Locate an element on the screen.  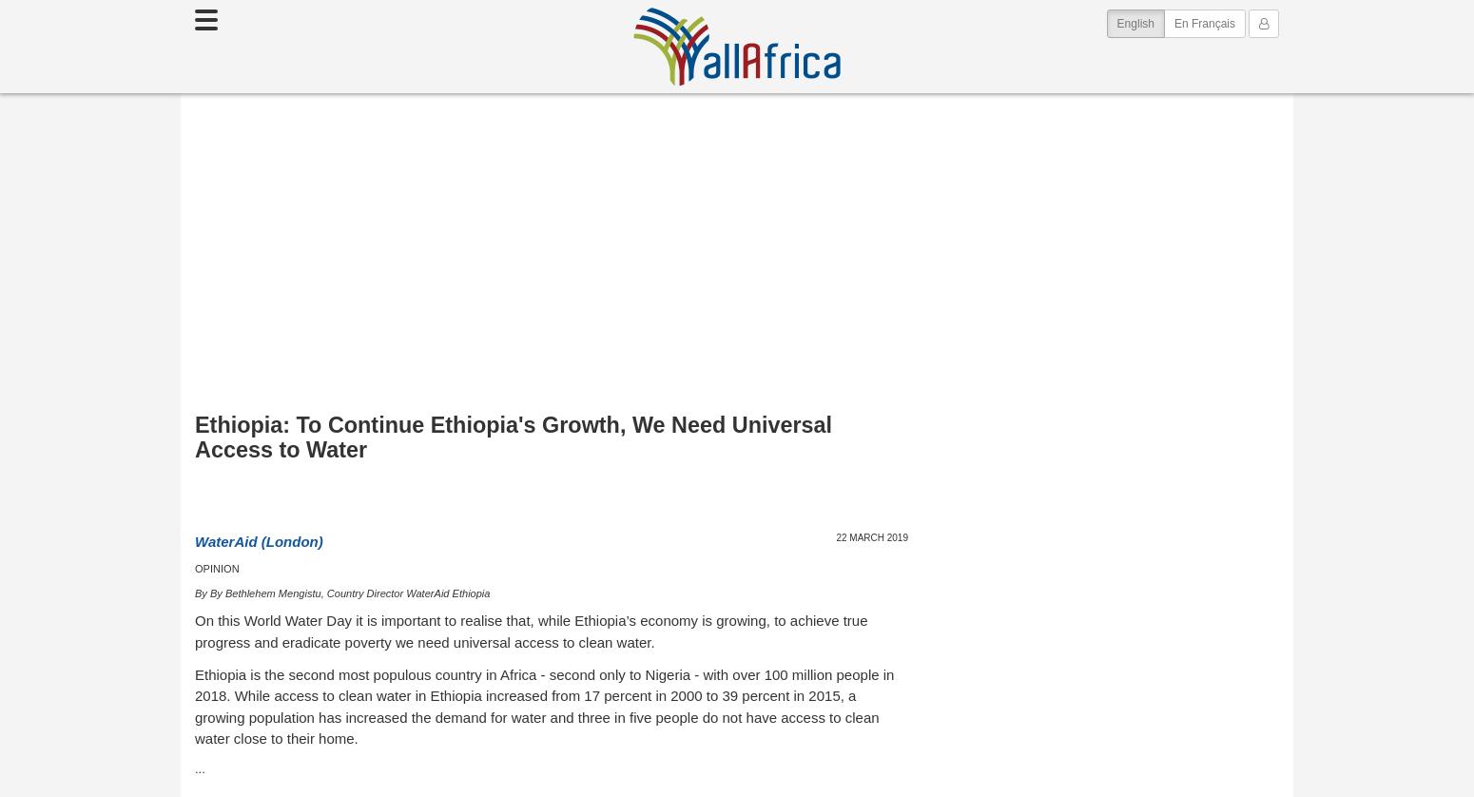
'By By Bethlehem Mengistu, Country Director WaterAid Ethiopia' is located at coordinates (341, 592).